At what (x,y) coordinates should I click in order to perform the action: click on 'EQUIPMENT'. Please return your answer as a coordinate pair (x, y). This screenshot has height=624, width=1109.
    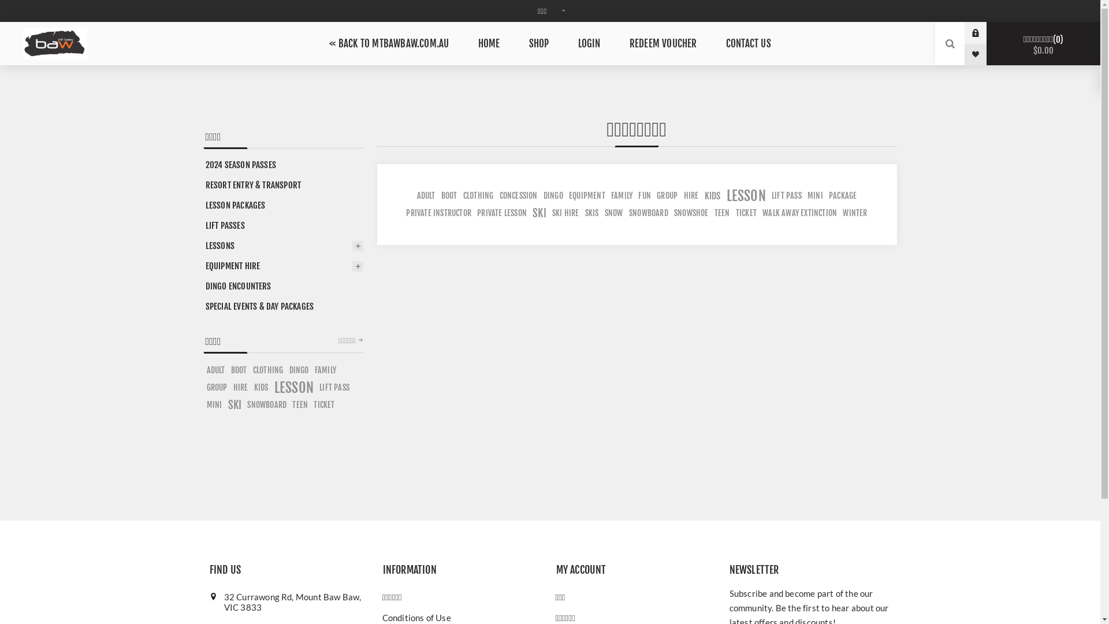
    Looking at the image, I should click on (587, 195).